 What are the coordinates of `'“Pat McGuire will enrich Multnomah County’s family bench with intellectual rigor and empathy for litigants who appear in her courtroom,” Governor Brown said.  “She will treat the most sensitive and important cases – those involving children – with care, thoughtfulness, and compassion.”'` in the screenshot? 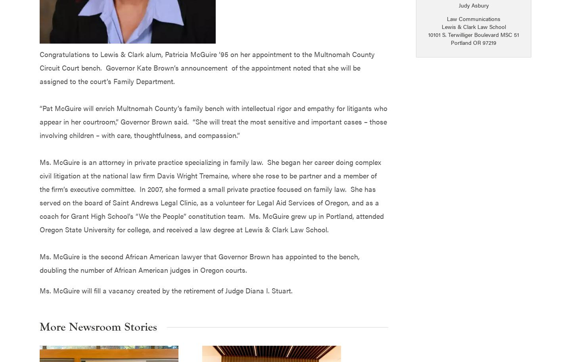 It's located at (213, 121).